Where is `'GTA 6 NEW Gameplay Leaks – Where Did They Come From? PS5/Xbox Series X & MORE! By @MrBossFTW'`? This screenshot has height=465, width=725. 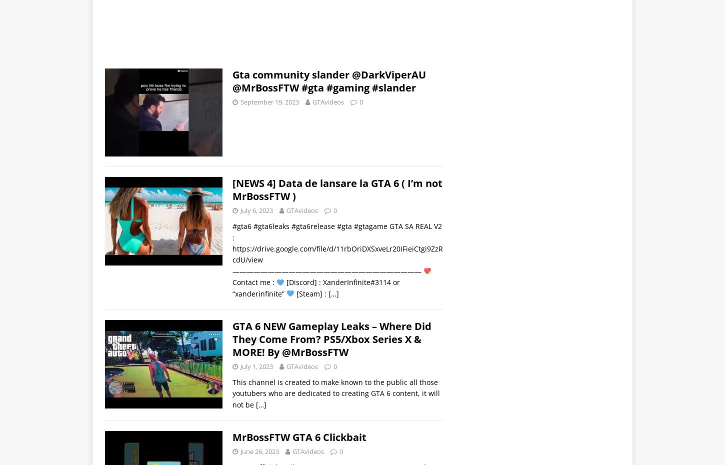 'GTA 6 NEW Gameplay Leaks – Where Did They Come From? PS5/Xbox Series X & MORE! By @MrBossFTW' is located at coordinates (331, 338).